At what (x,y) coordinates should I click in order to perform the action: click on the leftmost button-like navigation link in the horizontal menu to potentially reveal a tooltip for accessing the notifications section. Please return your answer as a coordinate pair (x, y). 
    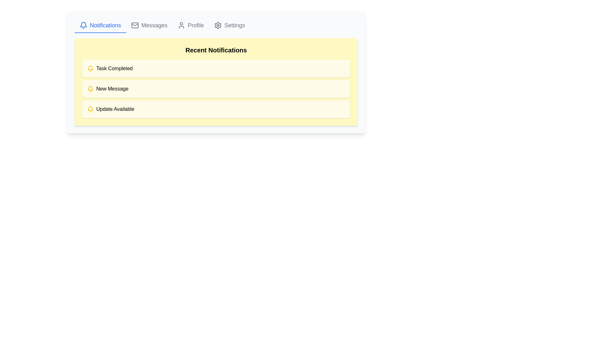
    Looking at the image, I should click on (100, 25).